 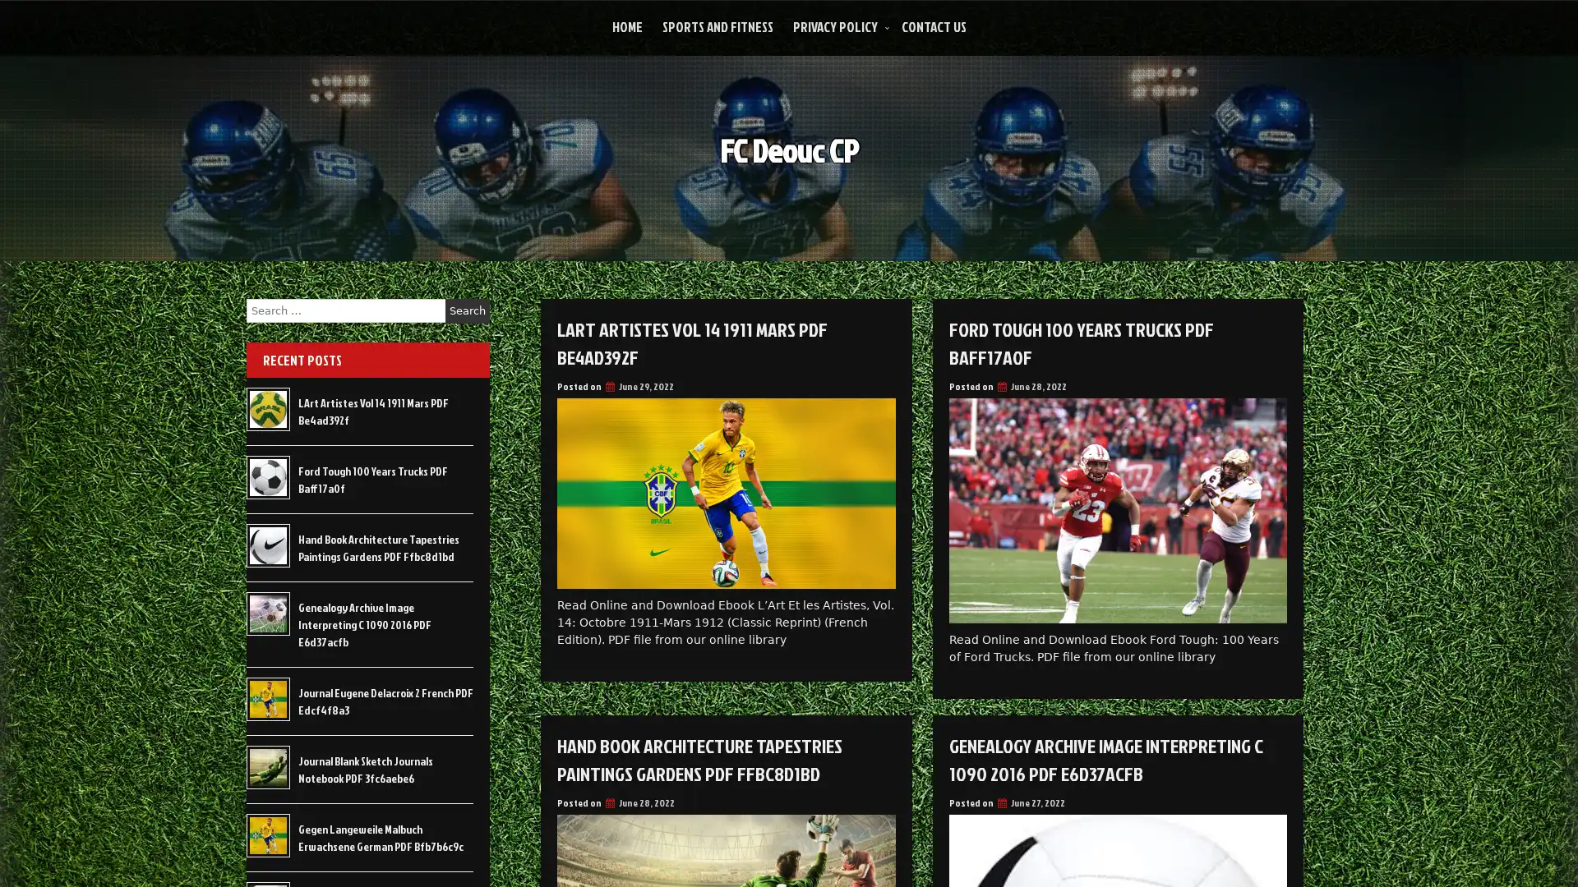 I want to click on Search, so click(x=467, y=310).